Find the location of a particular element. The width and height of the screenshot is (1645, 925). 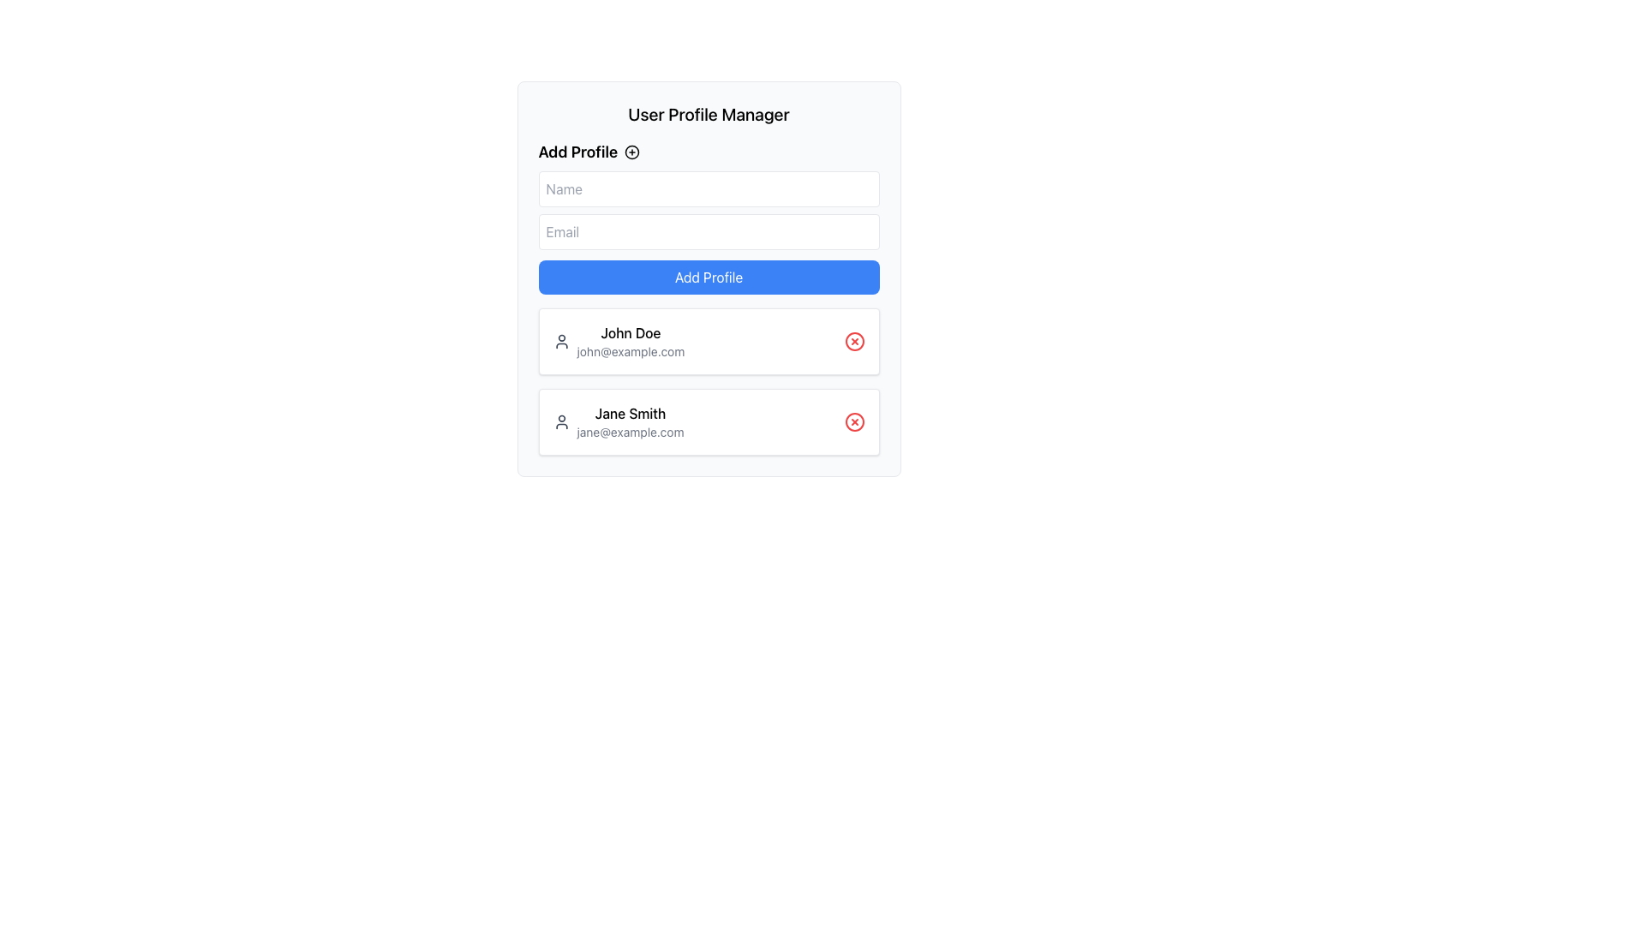

the icon indicating the addition of a profile, located at the top-left portion of the layout next to the 'Add Profile' text is located at coordinates (631, 151).